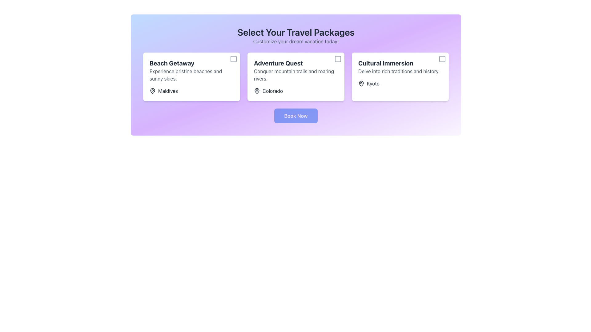 The image size is (591, 332). Describe the element at coordinates (296, 77) in the screenshot. I see `the 'Adventure Quest' travel package card, which is the second card in a row of three cards providing selection options for travel packages` at that location.